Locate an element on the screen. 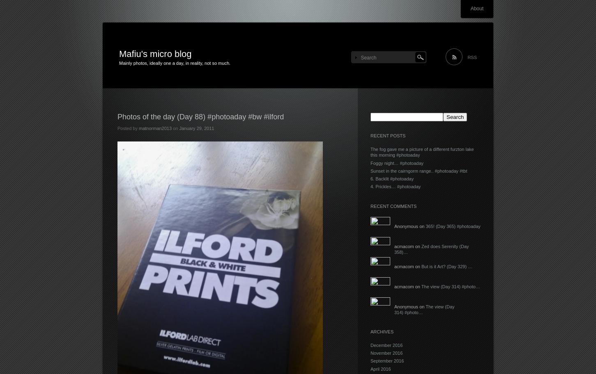 Image resolution: width=596 pixels, height=374 pixels. 'Zed does Serenity (Day 358)…' is located at coordinates (394, 249).